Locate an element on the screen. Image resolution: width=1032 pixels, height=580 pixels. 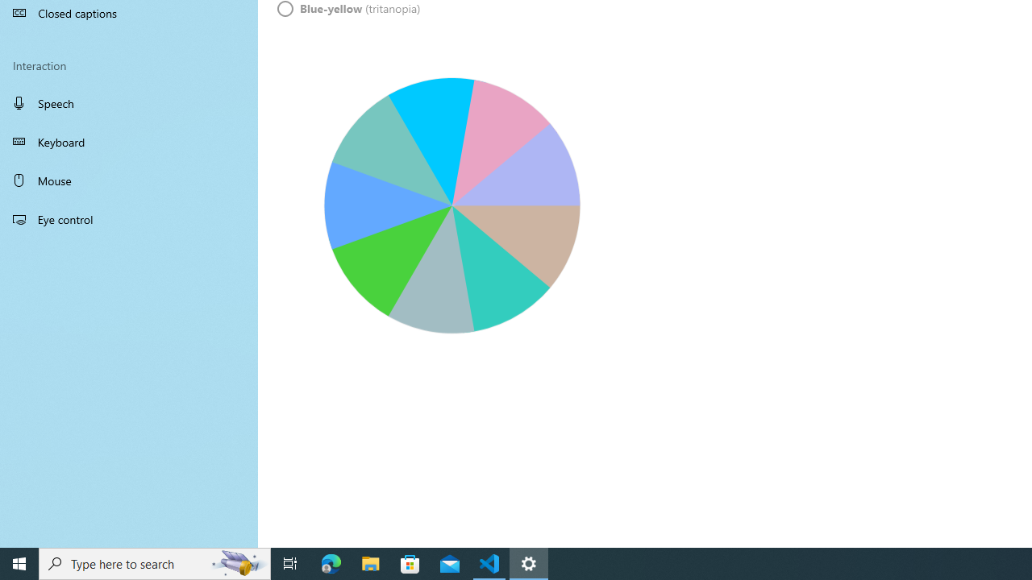
'Mouse' is located at coordinates (129, 180).